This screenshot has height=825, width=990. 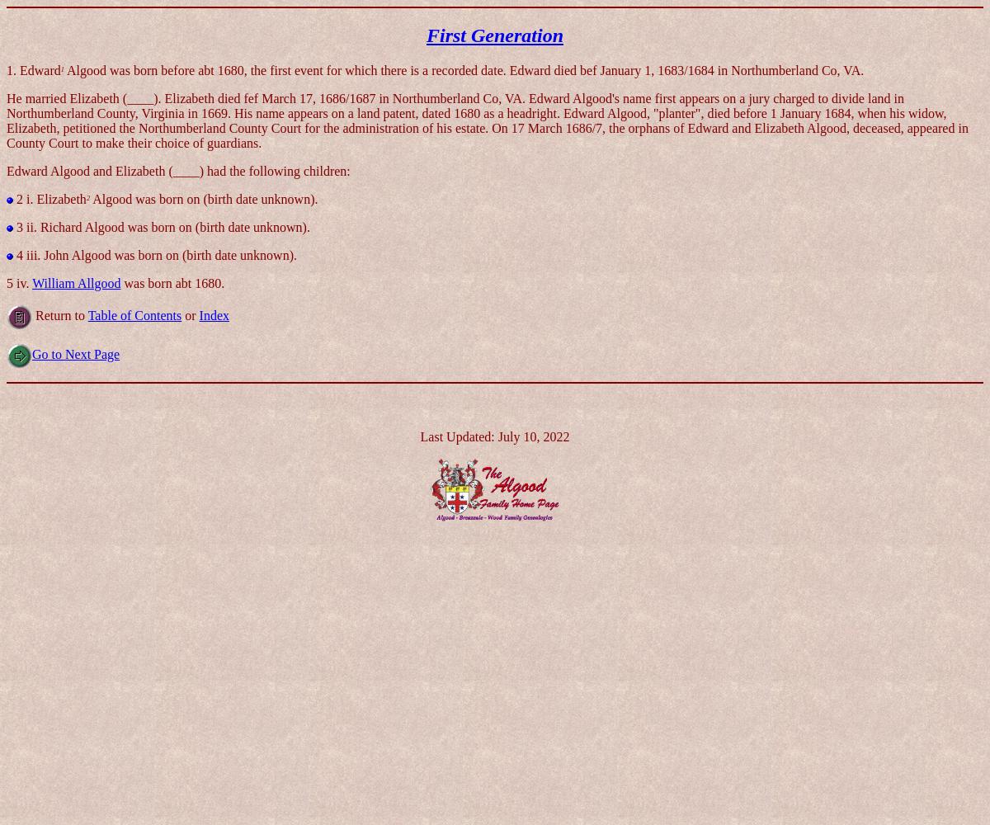 What do you see at coordinates (493, 436) in the screenshot?
I see `'Last Updated:  July 10, 2022'` at bounding box center [493, 436].